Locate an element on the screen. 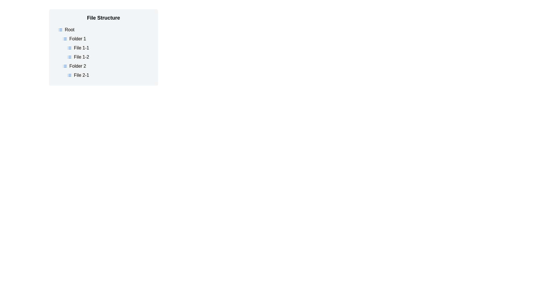  the text label identifying the file named 'File 1-2' under 'Folder 1' in the upper-middle portion of the interface is located at coordinates (81, 57).